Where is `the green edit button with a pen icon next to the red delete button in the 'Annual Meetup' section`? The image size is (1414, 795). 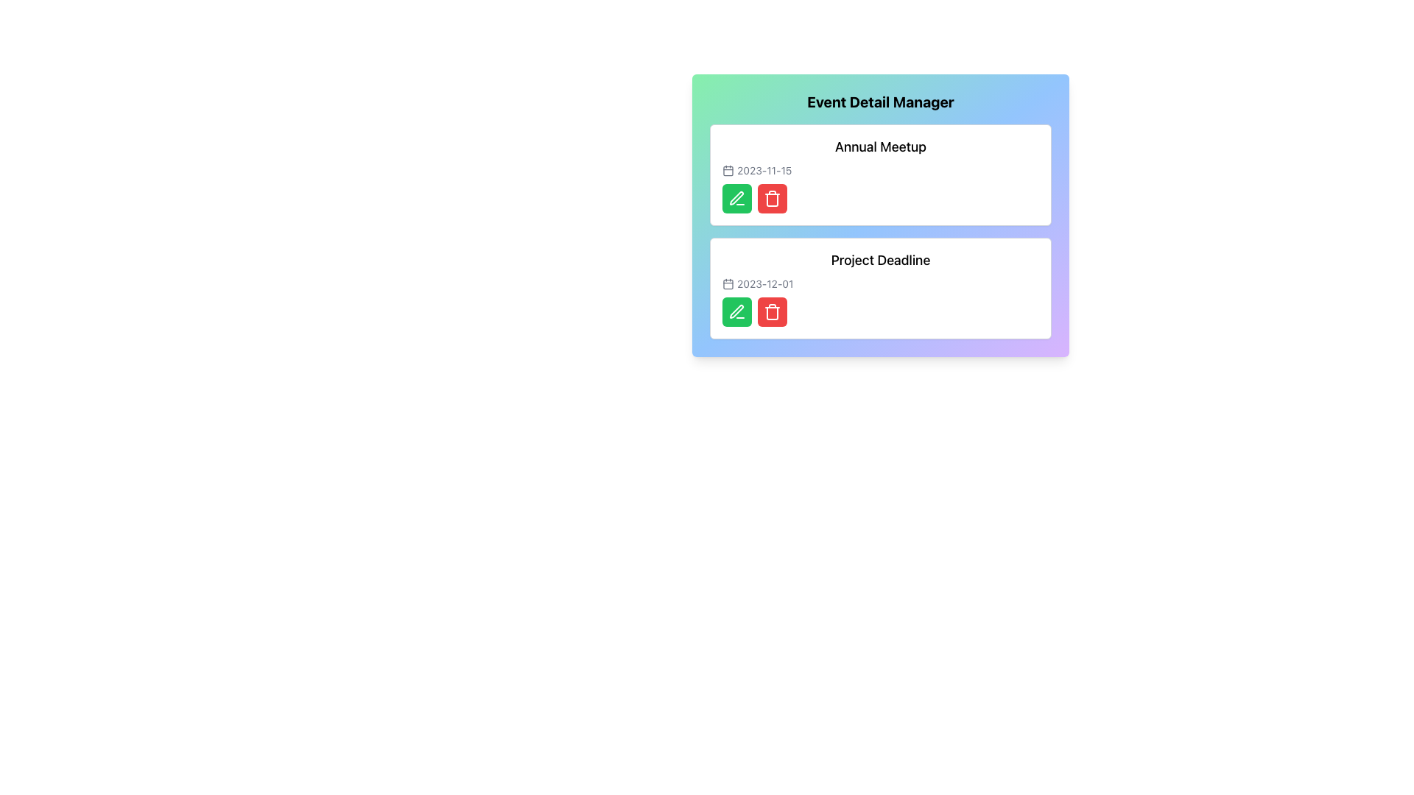 the green edit button with a pen icon next to the red delete button in the 'Annual Meetup' section is located at coordinates (737, 199).